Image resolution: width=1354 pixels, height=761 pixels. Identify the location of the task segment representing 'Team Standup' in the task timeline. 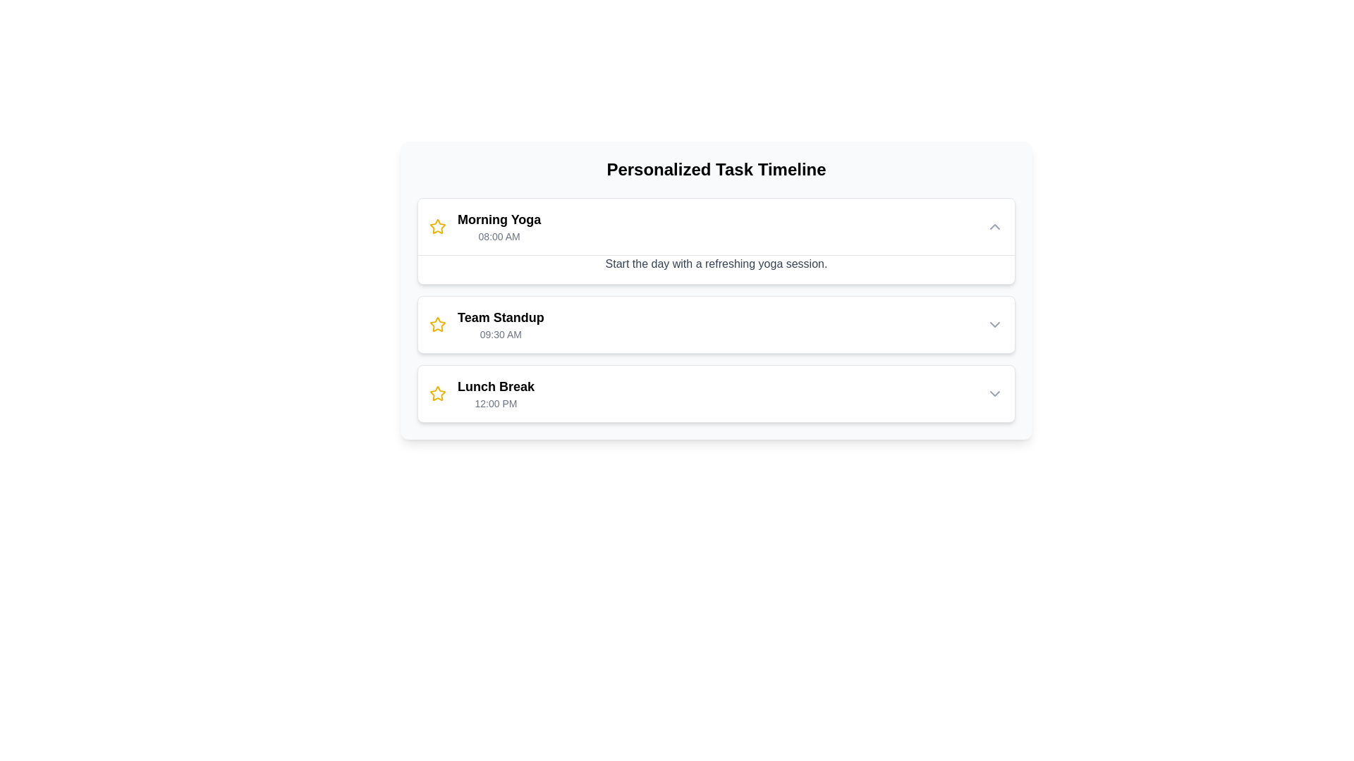
(716, 309).